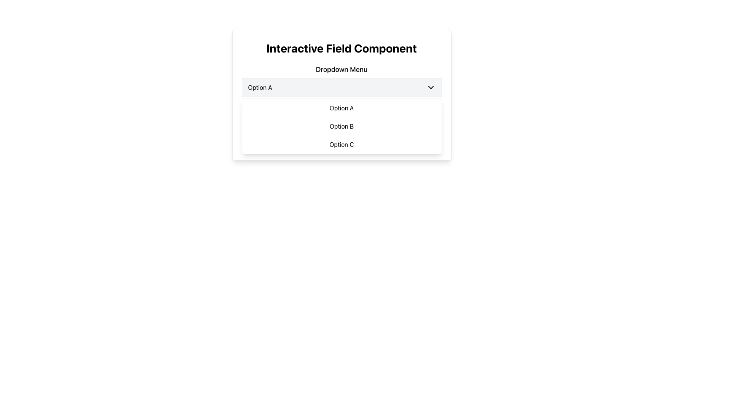 This screenshot has height=411, width=731. Describe the element at coordinates (341, 81) in the screenshot. I see `the dropdown menu located below the 'Dropdown Menu' title` at that location.